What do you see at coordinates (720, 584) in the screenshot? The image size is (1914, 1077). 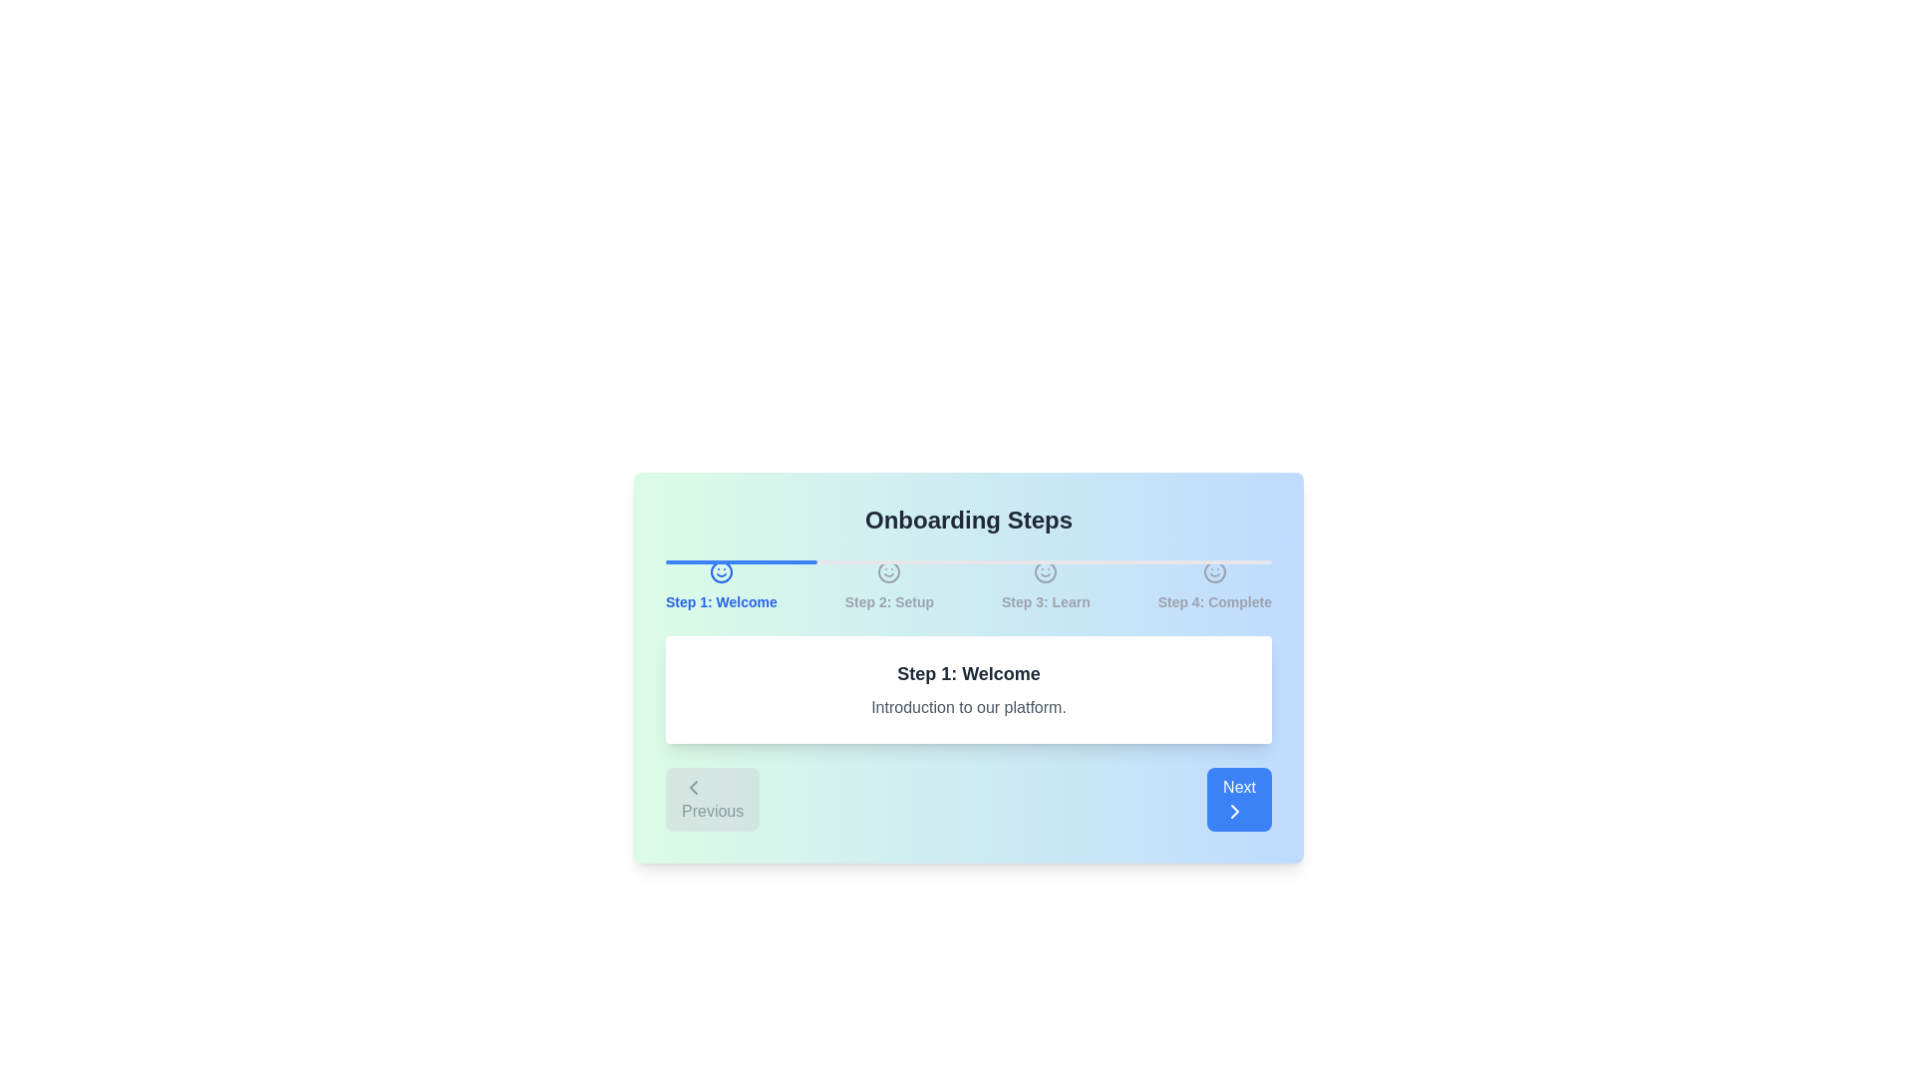 I see `information displayed in the first step of the onboarding process, titled 'Welcome', which is represented by the Progress Indicator with Icon and Text located on the far left of the row` at bounding box center [720, 584].